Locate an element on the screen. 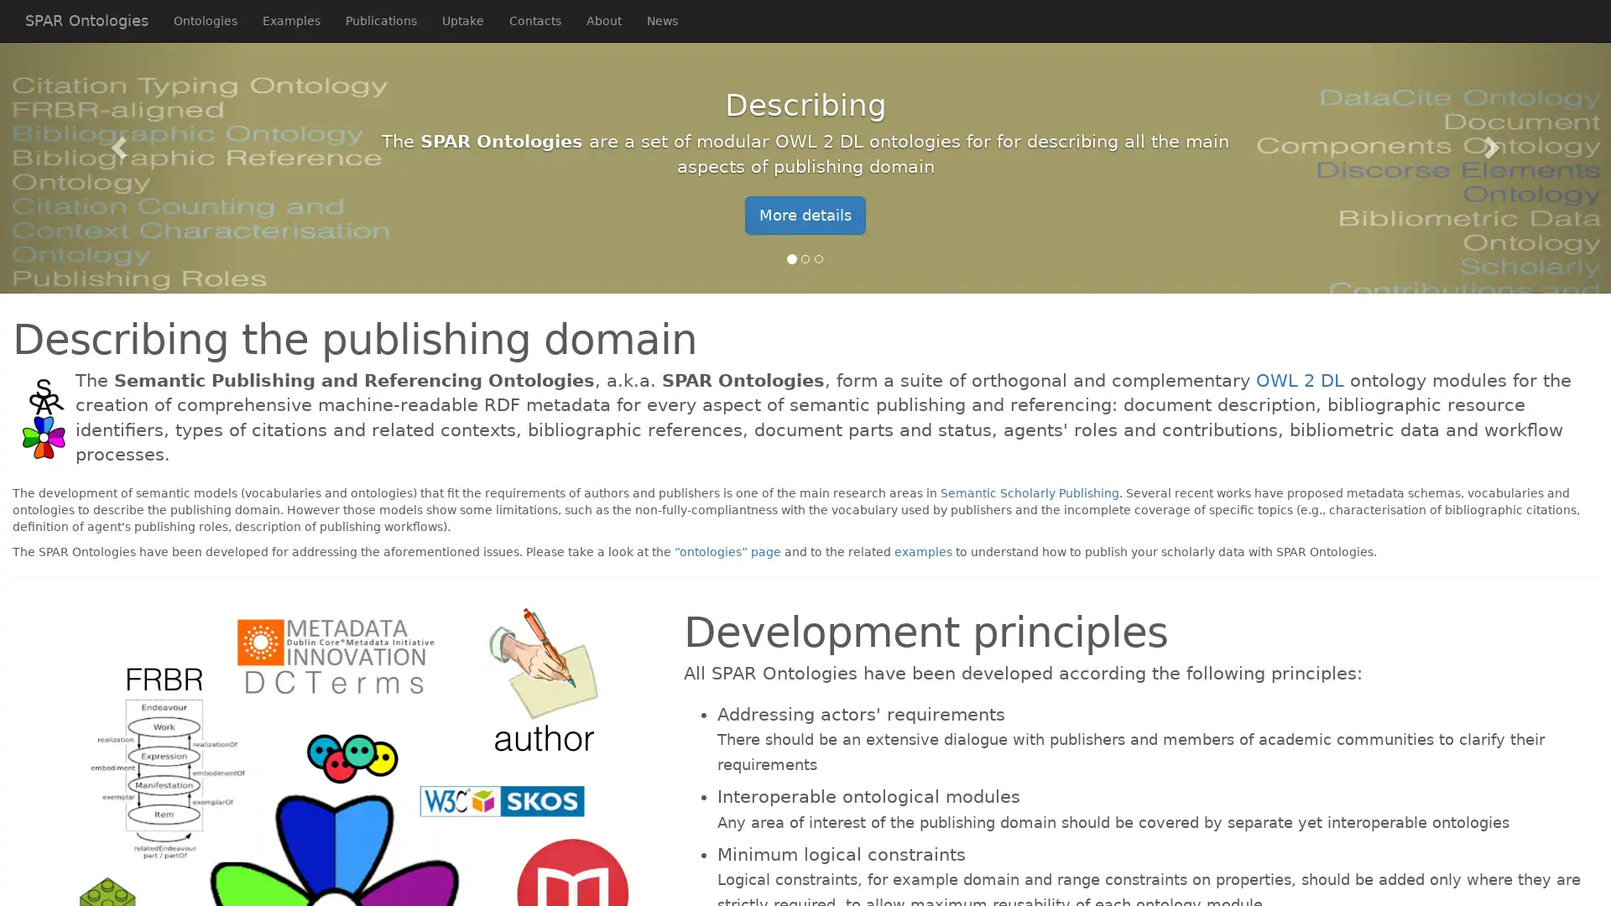  More details is located at coordinates (805, 215).